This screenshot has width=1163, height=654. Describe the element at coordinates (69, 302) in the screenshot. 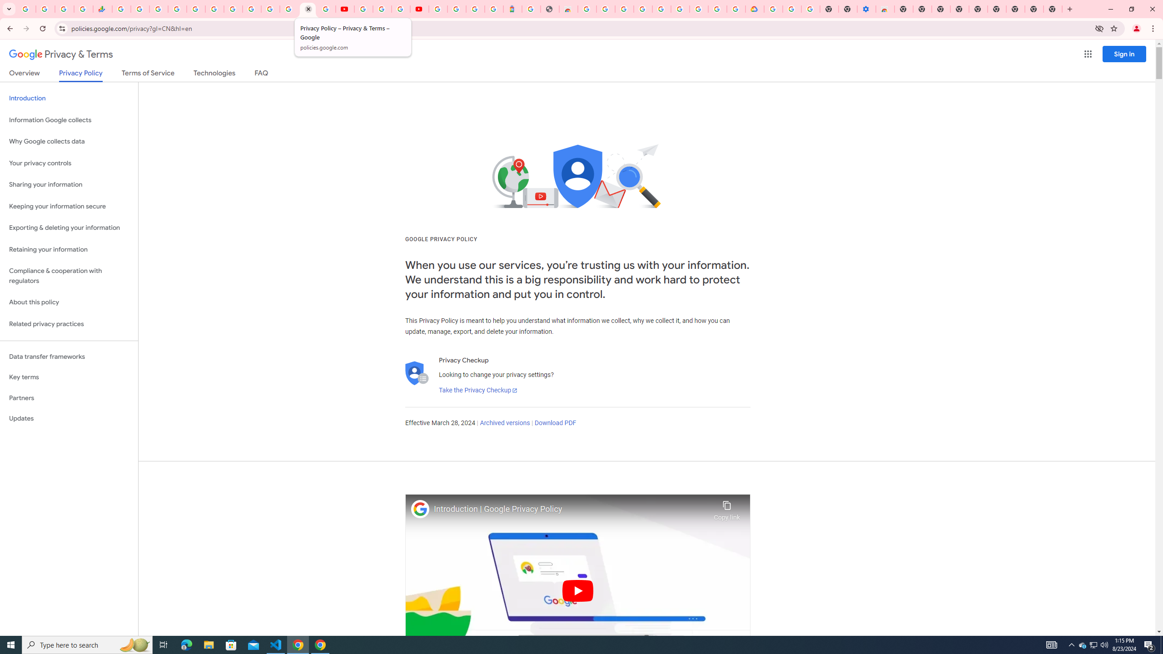

I see `'About this policy'` at that location.